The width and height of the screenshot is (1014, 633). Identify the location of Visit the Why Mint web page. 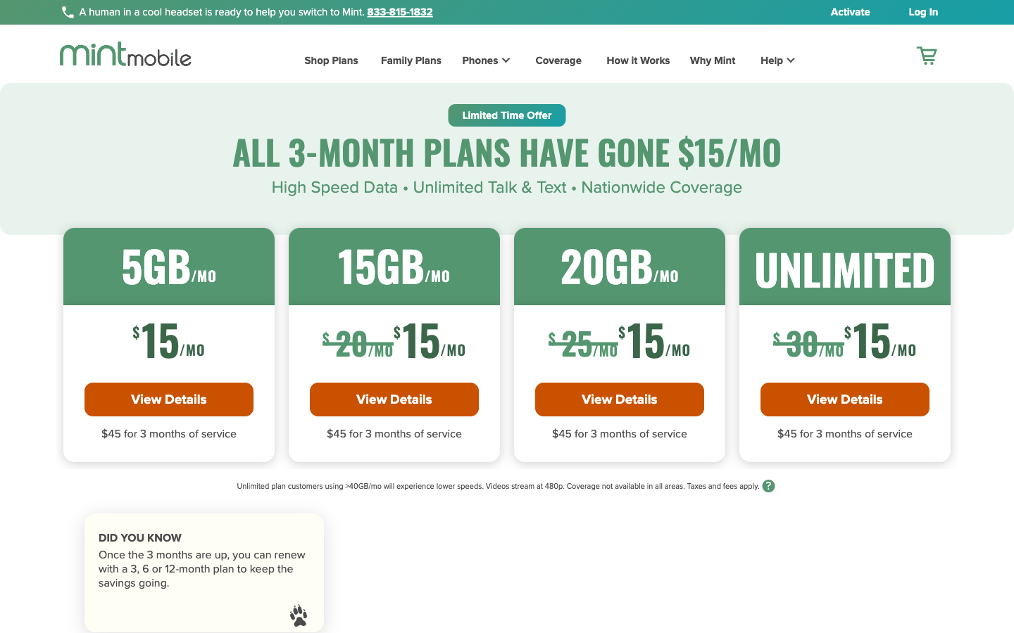
(703, 62).